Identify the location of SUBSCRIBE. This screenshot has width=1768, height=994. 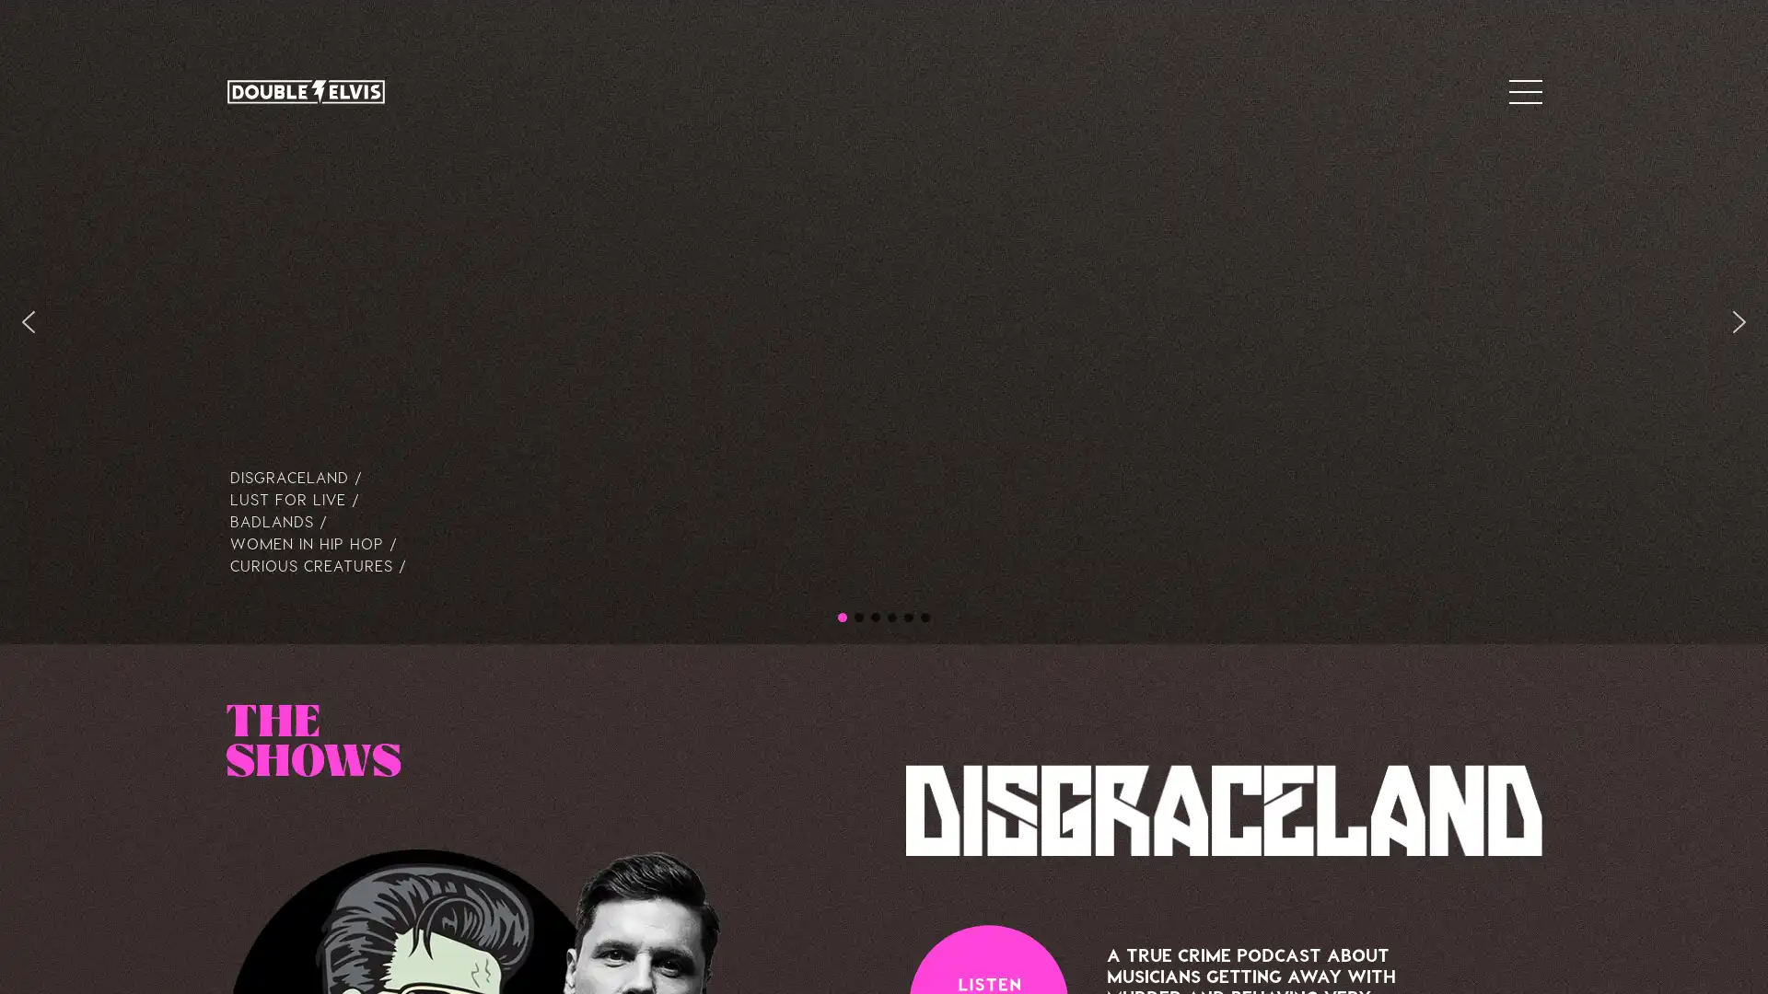
(884, 633).